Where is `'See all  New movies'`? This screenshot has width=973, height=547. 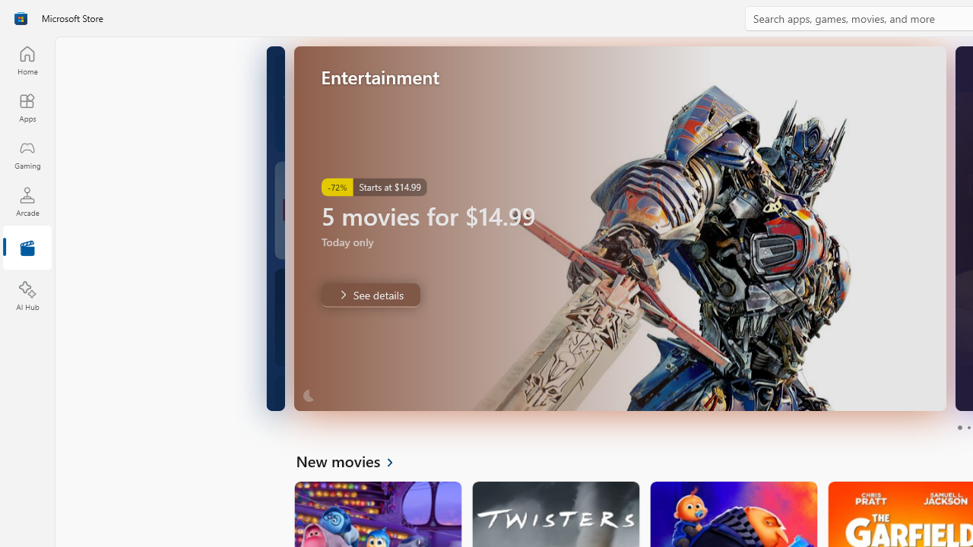
'See all  New movies' is located at coordinates (353, 460).